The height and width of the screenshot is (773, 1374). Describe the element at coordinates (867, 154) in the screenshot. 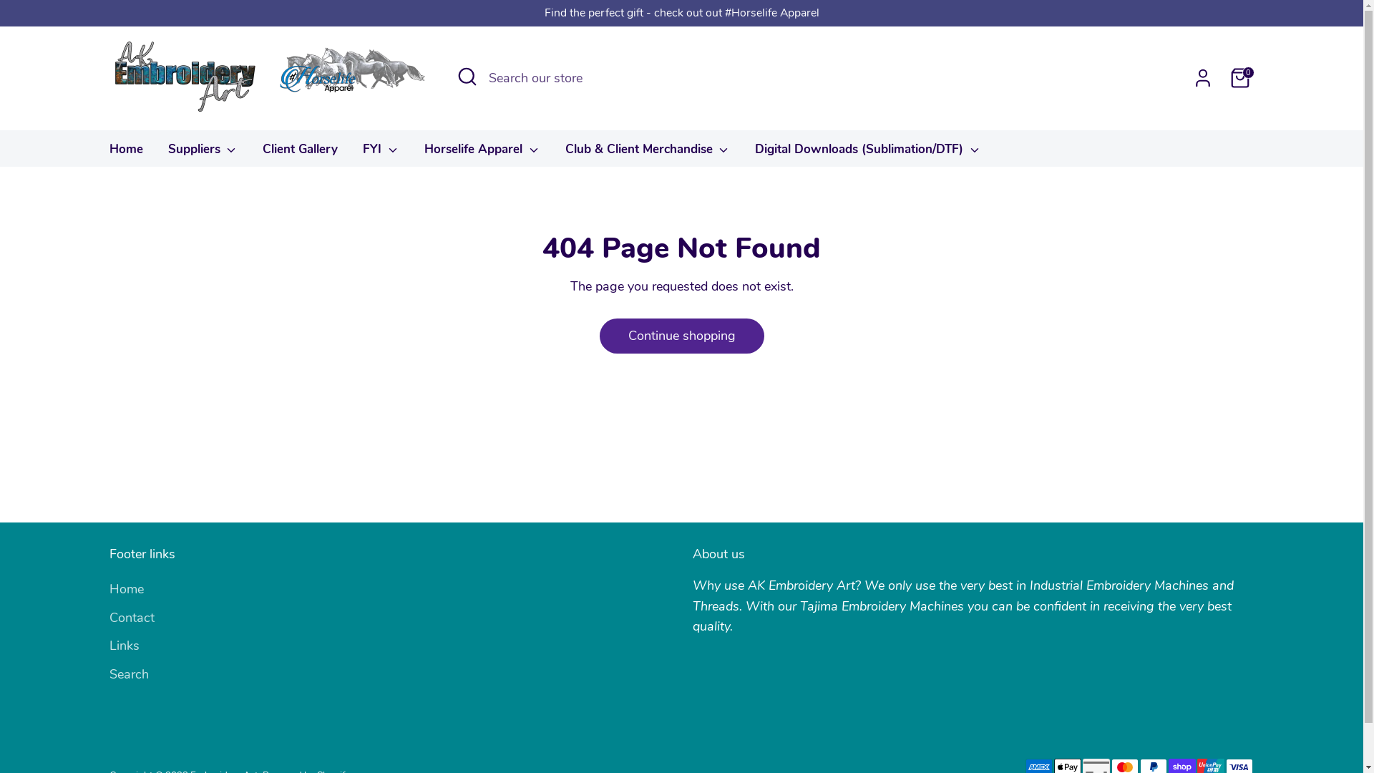

I see `'Digital Downloads (Sublimation/DTF)'` at that location.